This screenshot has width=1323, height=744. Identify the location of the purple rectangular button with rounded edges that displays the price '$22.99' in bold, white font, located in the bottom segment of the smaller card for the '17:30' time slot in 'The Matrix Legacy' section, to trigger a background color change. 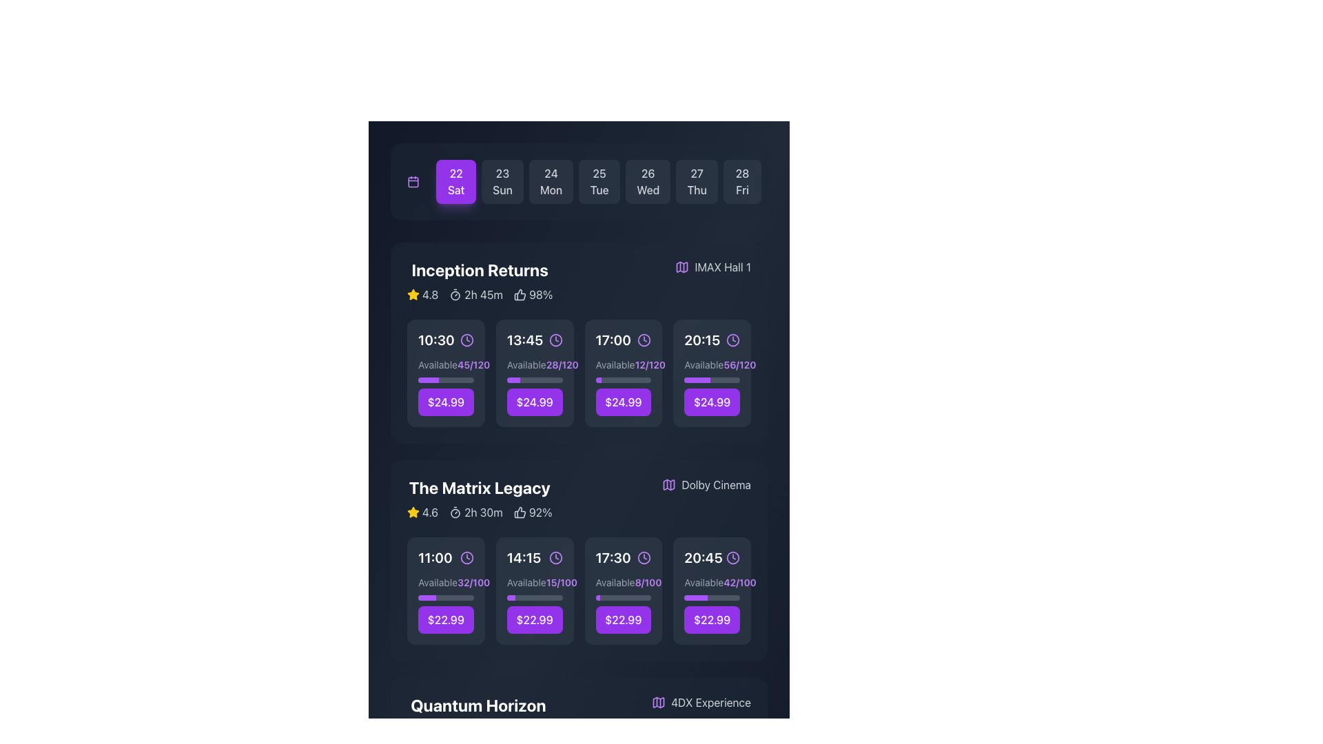
(622, 604).